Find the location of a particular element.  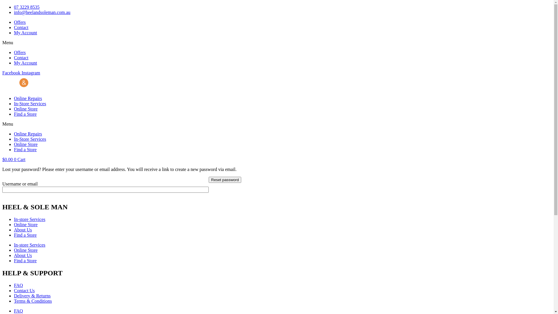

'About Us' is located at coordinates (14, 255).